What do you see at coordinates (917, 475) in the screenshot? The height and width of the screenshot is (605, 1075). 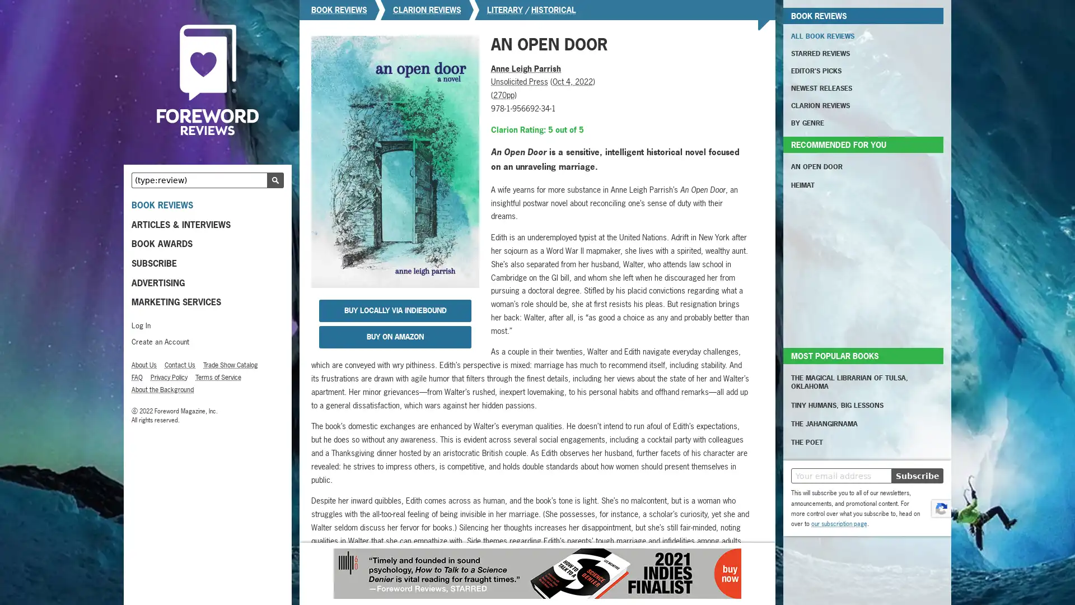 I see `Subscribe` at bounding box center [917, 475].